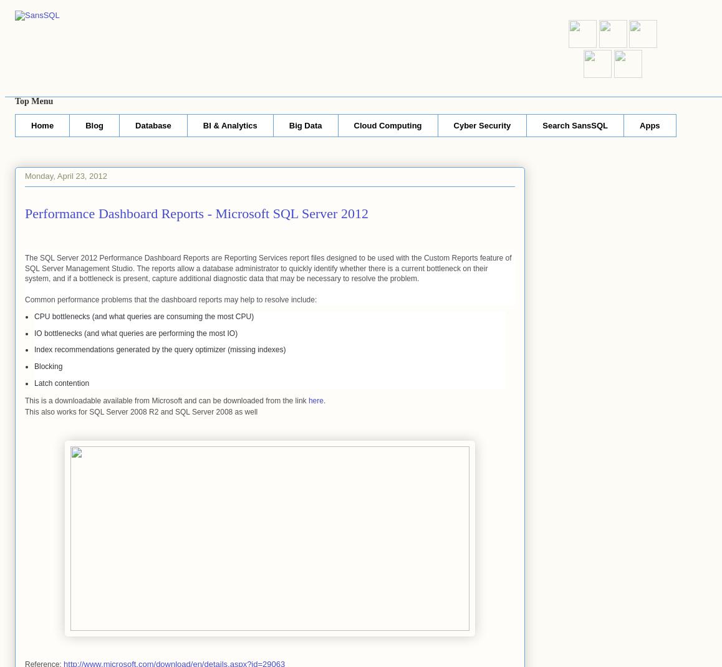 This screenshot has height=667, width=722. I want to click on 'Common performance problems that the dashboard reports may help to resolve include:', so click(170, 299).